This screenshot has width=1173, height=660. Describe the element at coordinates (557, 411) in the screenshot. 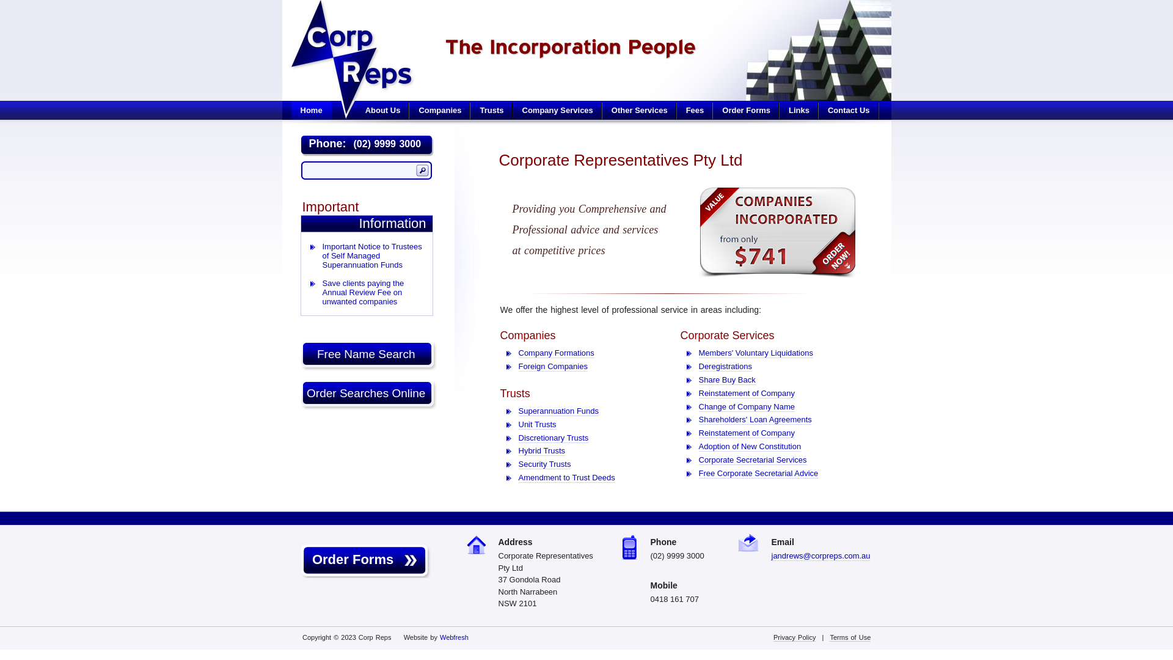

I see `'Superannuation Funds'` at that location.